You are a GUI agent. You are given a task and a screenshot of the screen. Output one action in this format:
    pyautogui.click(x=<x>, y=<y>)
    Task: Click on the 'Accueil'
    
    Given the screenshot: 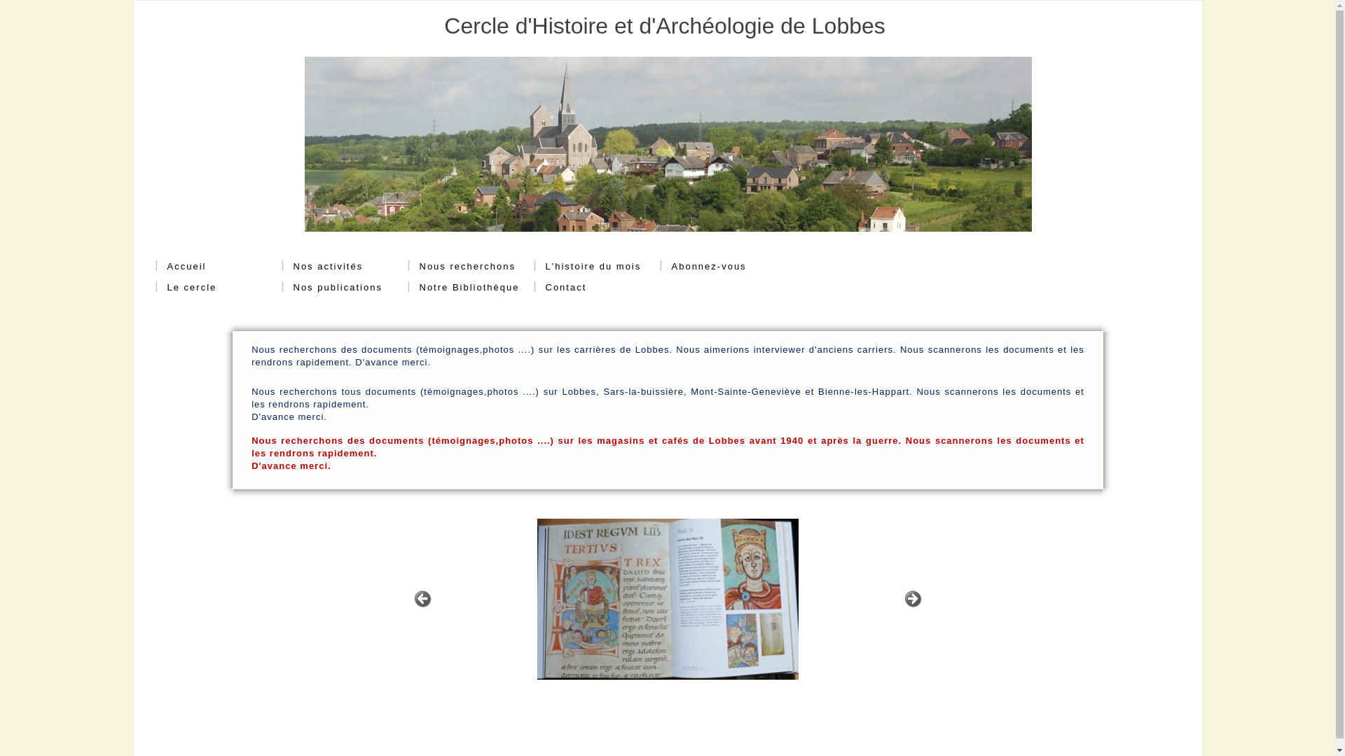 What is the action you would take?
    pyautogui.click(x=185, y=267)
    